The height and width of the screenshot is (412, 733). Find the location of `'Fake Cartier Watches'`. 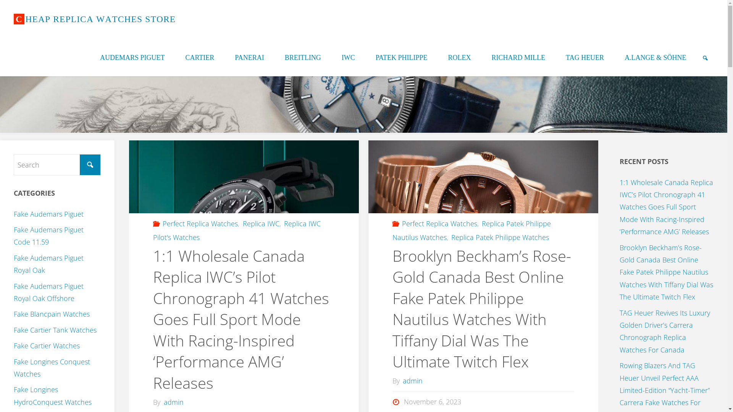

'Fake Cartier Watches' is located at coordinates (46, 346).